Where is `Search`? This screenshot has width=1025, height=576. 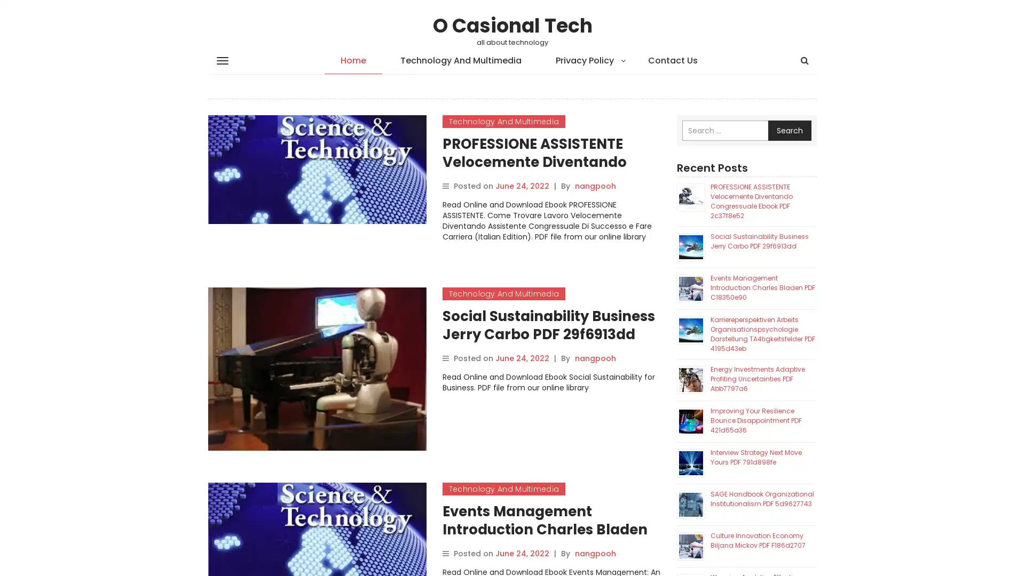
Search is located at coordinates (790, 130).